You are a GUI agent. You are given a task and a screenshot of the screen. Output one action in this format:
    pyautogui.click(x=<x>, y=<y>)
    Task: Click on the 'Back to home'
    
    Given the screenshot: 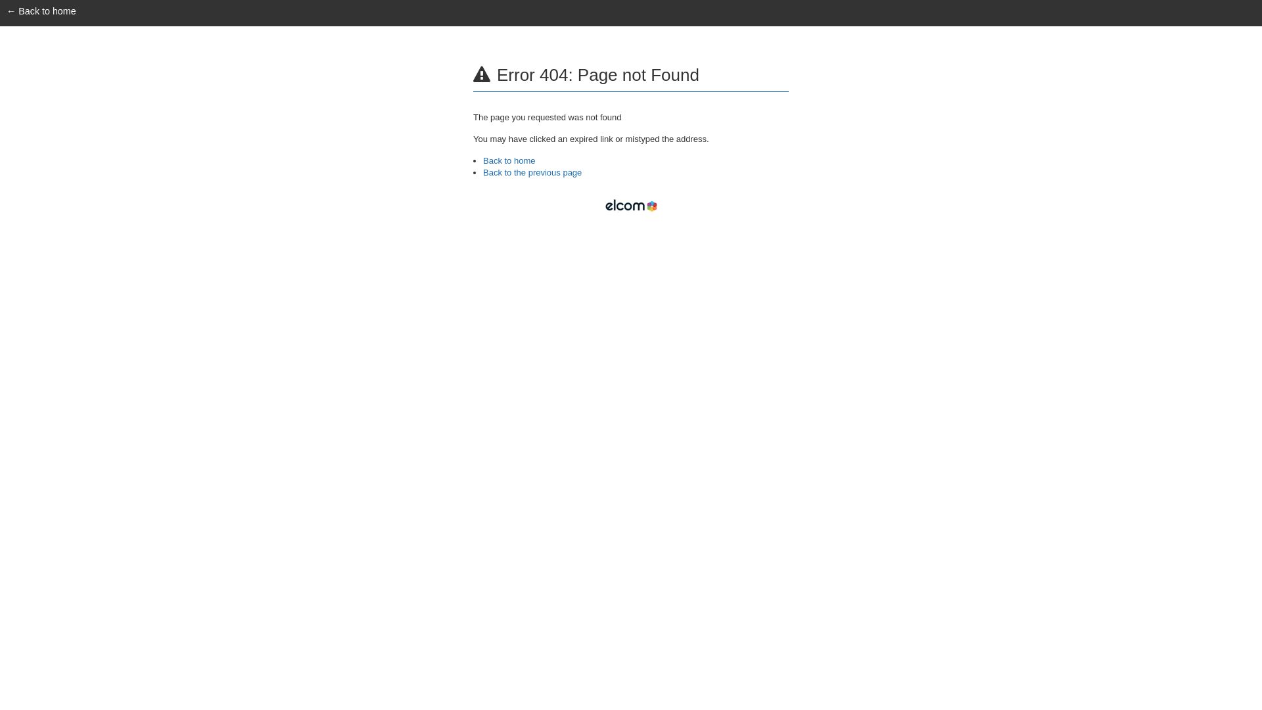 What is the action you would take?
    pyautogui.click(x=508, y=160)
    